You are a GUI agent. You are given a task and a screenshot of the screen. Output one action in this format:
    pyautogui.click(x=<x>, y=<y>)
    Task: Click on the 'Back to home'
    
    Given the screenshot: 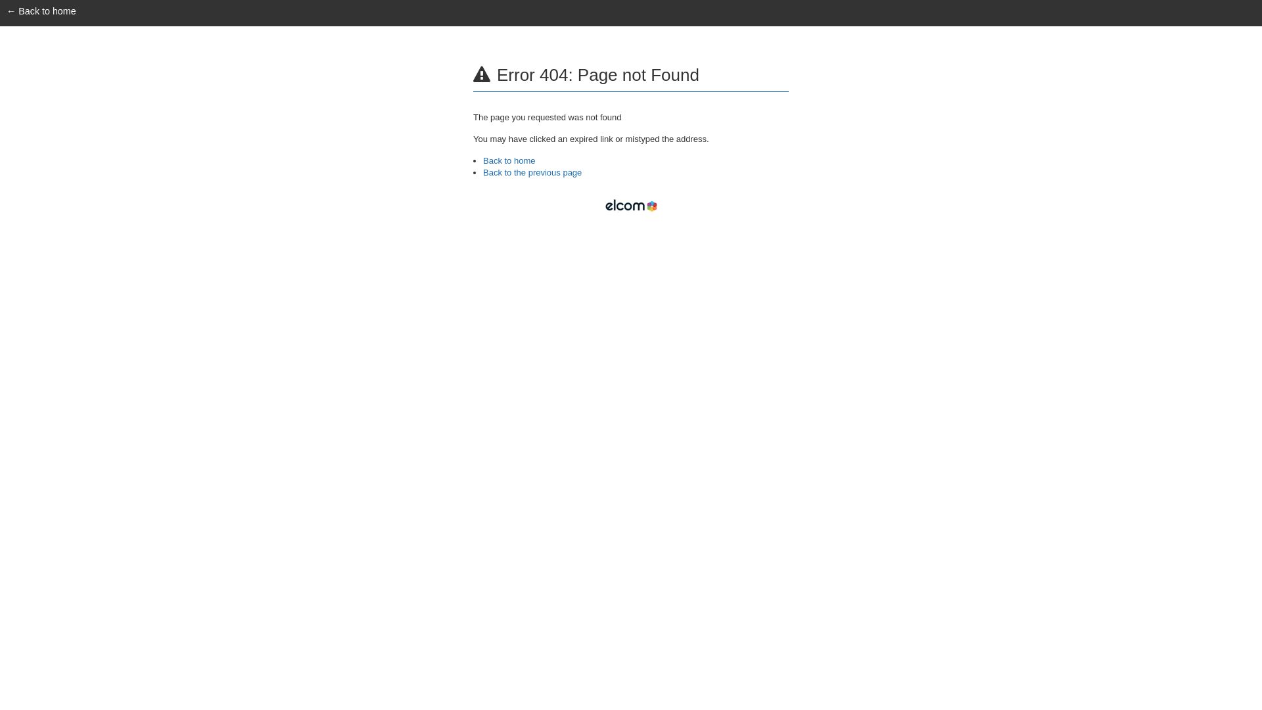 What is the action you would take?
    pyautogui.click(x=508, y=160)
    